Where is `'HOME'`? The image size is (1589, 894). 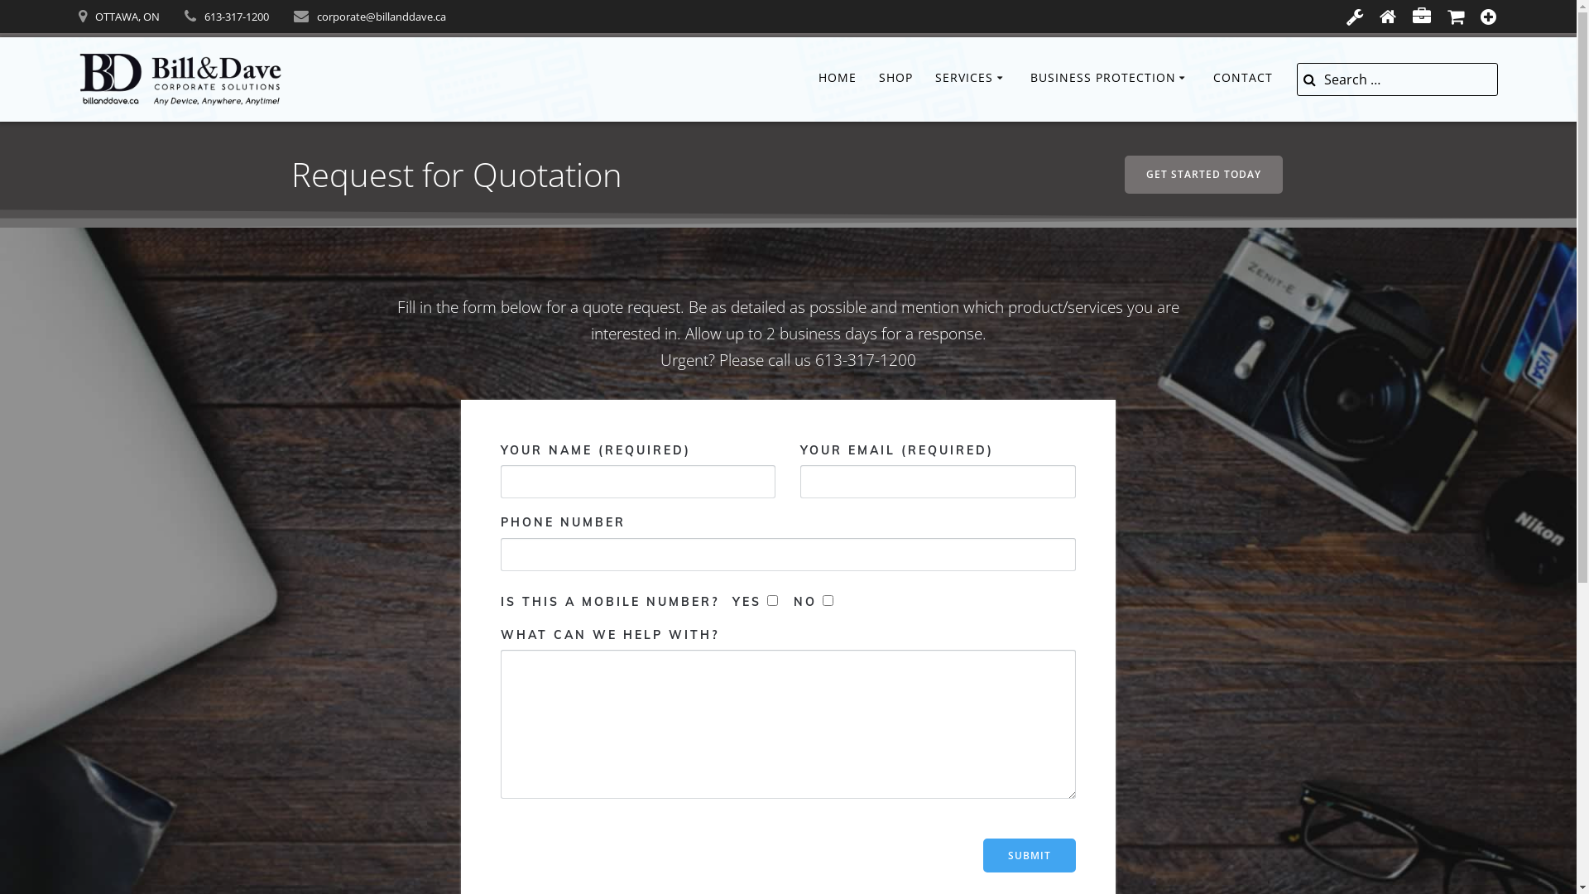 'HOME' is located at coordinates (818, 79).